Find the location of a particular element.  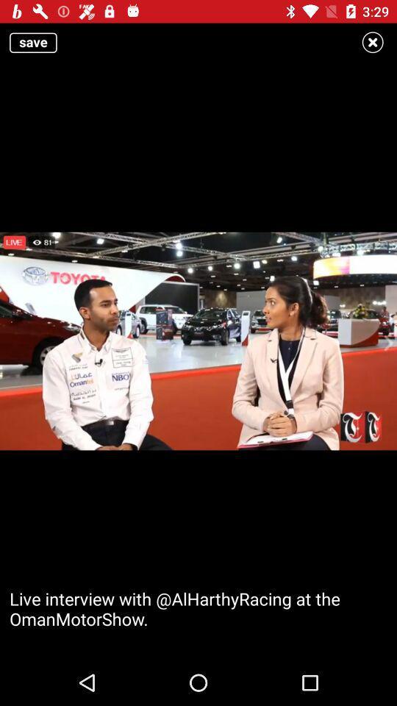

the close icon is located at coordinates (366, 46).